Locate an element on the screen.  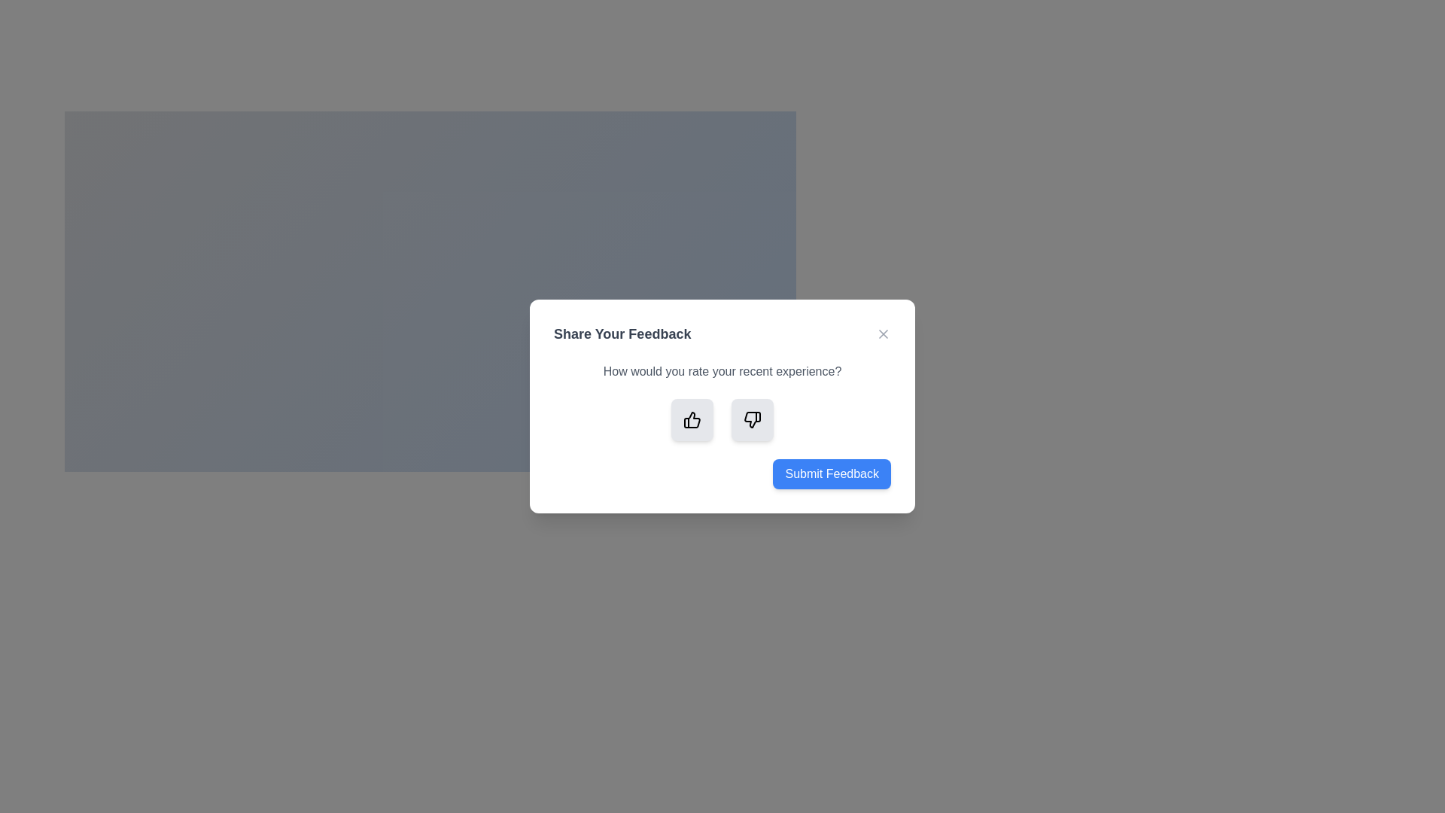
the square-shaped button with a light gray background and a black thumbs-up icon at its center to record positive feedback is located at coordinates (692, 420).